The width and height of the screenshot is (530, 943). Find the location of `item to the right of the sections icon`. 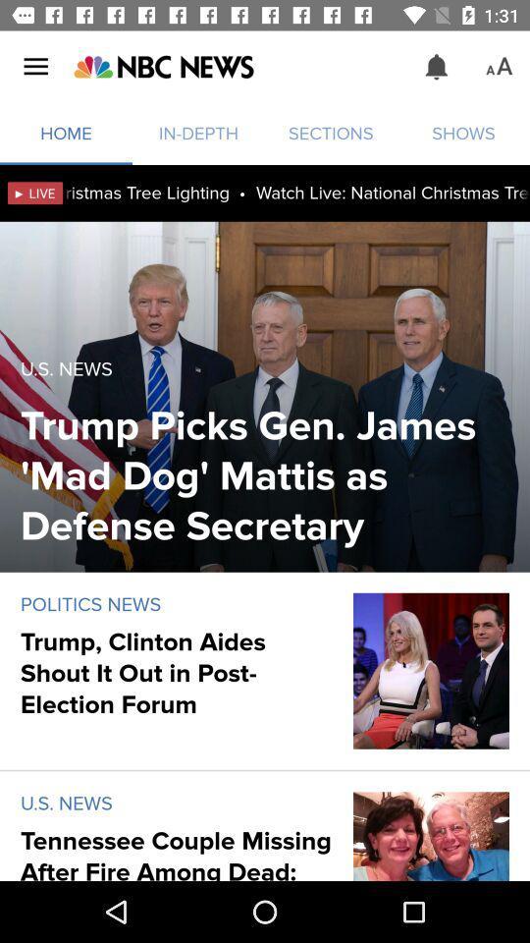

item to the right of the sections icon is located at coordinates (437, 67).